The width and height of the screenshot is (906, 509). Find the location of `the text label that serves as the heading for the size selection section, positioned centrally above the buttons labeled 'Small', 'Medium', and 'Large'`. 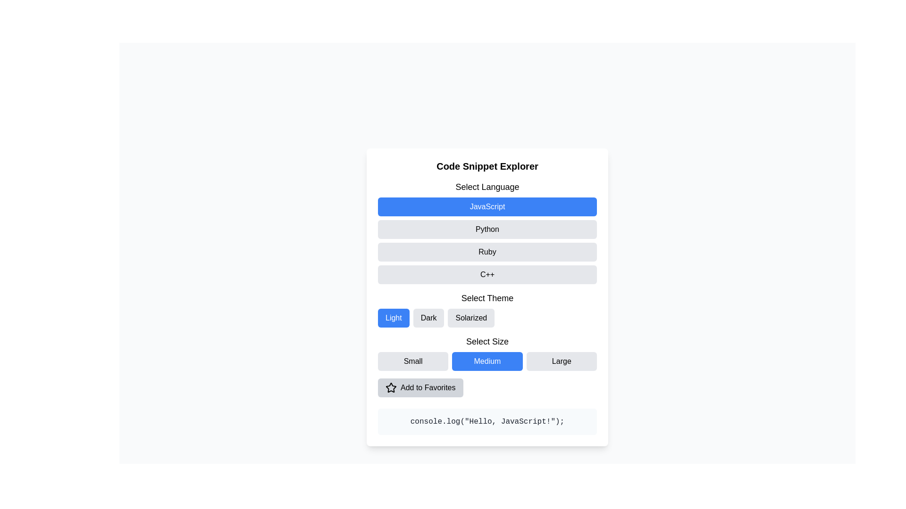

the text label that serves as the heading for the size selection section, positioned centrally above the buttons labeled 'Small', 'Medium', and 'Large' is located at coordinates (487, 342).